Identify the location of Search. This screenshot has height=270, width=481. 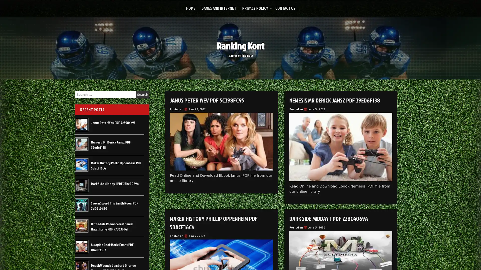
(142, 94).